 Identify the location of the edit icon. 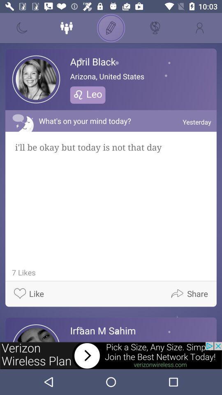
(111, 28).